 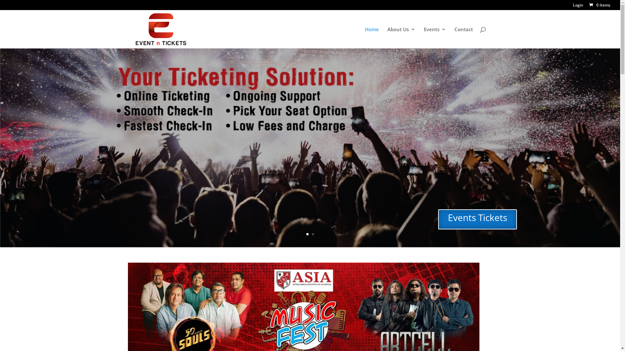 I want to click on 'Contact', so click(x=463, y=37).